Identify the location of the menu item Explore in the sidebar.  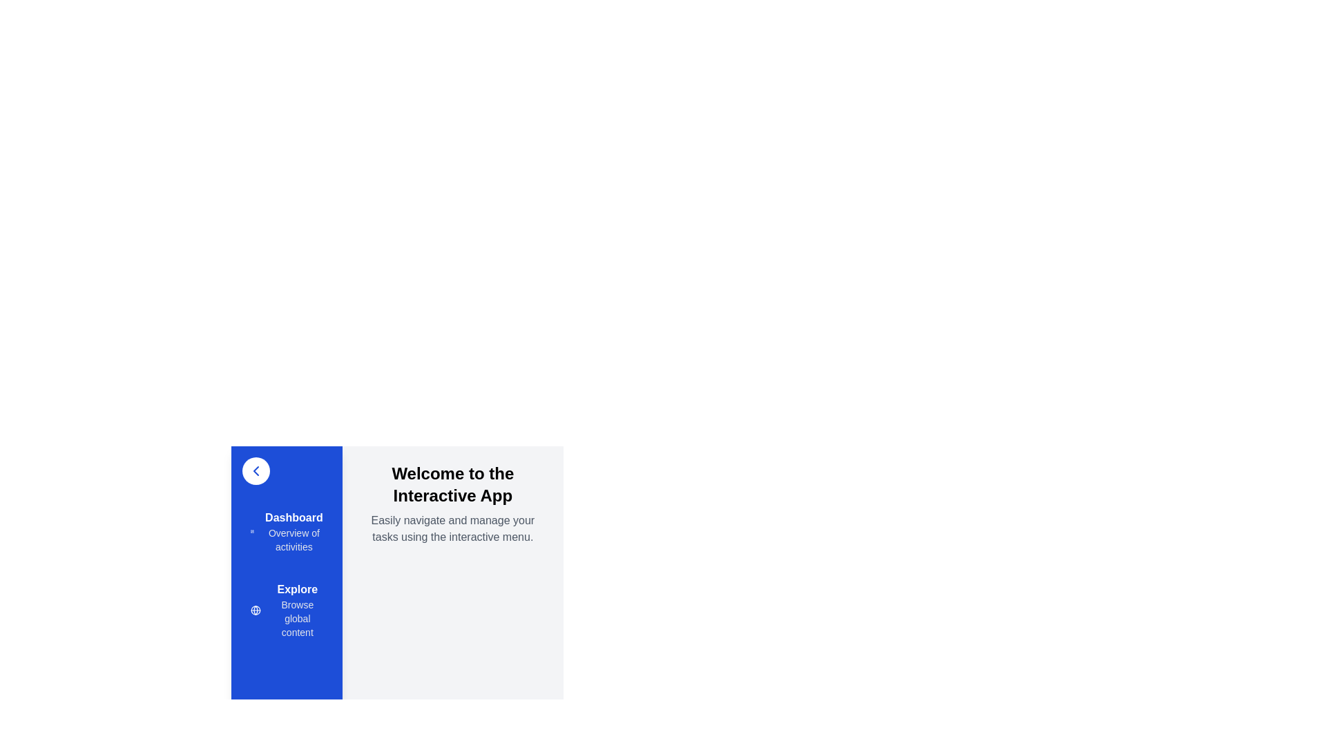
(285, 609).